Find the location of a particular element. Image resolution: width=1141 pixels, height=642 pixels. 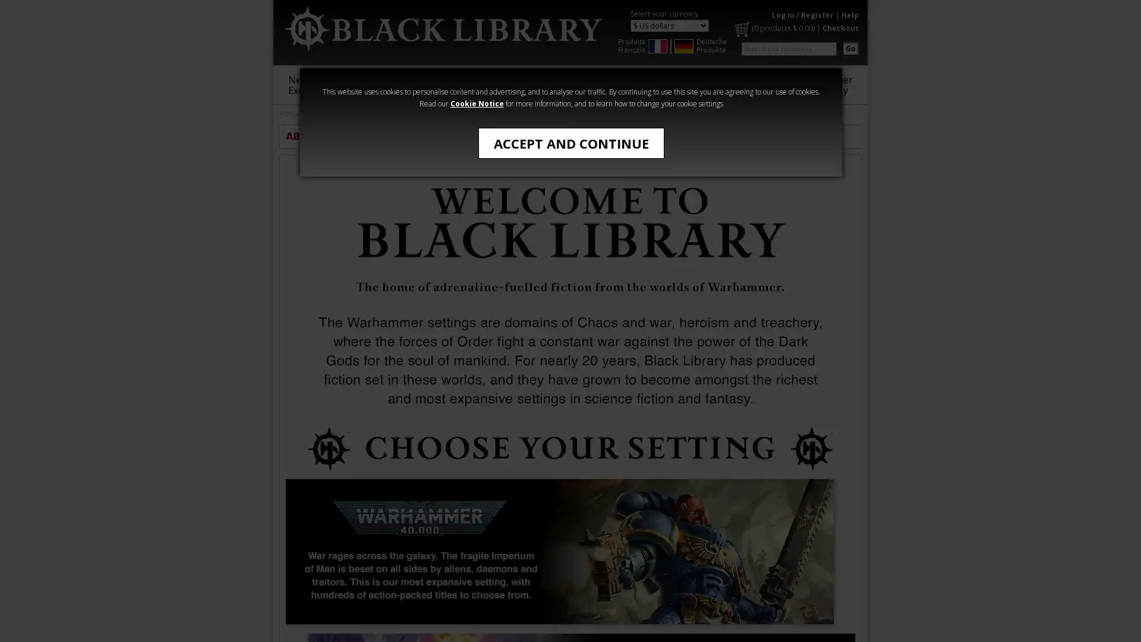

Go is located at coordinates (850, 48).